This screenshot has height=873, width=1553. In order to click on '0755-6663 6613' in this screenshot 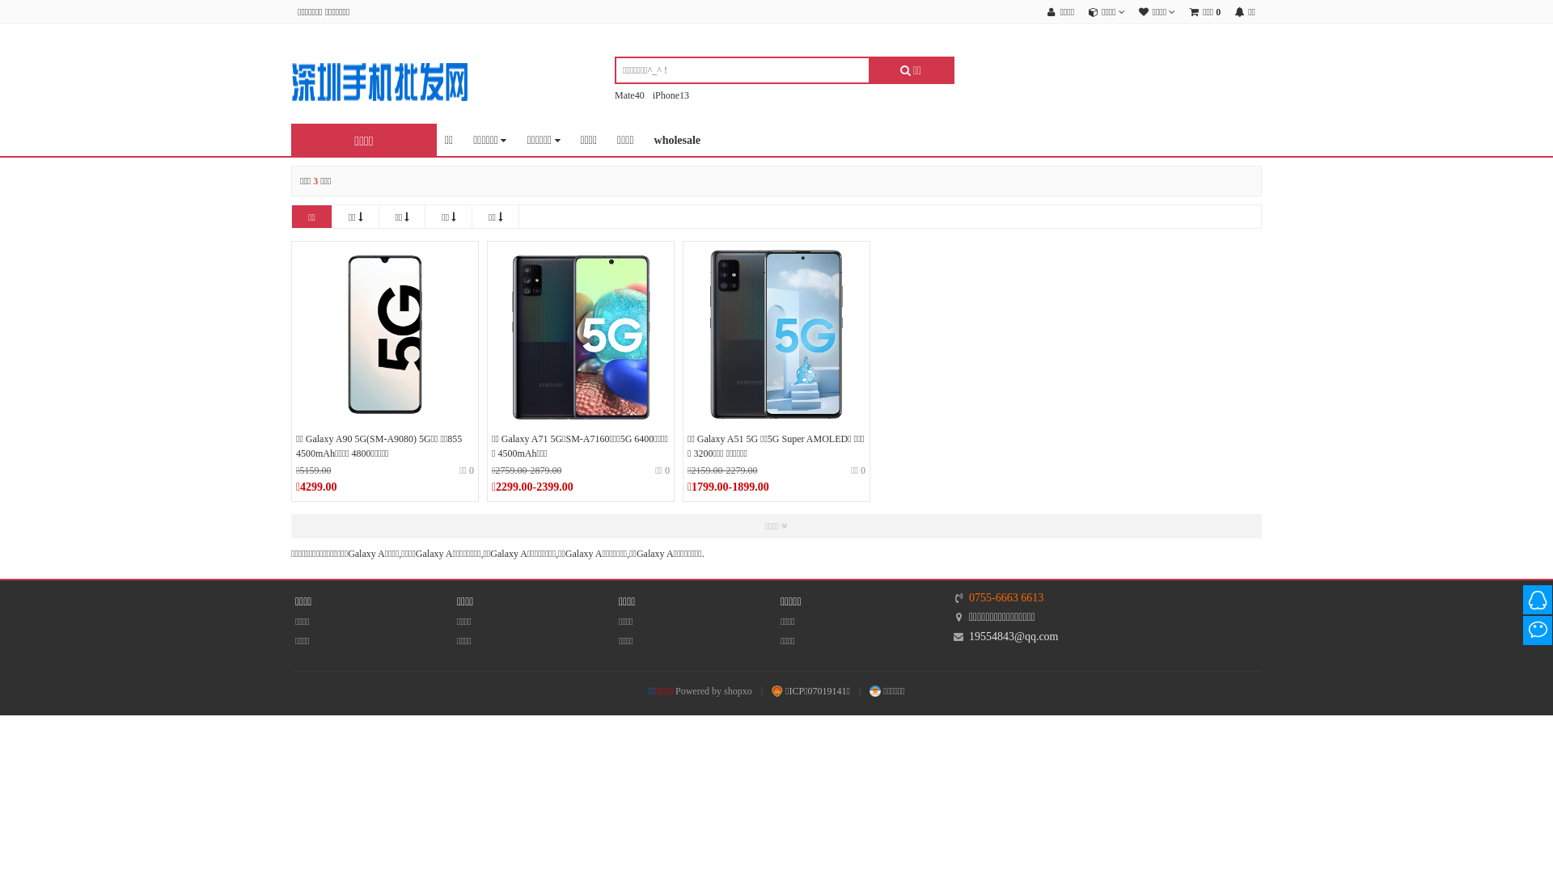, I will do `click(969, 597)`.